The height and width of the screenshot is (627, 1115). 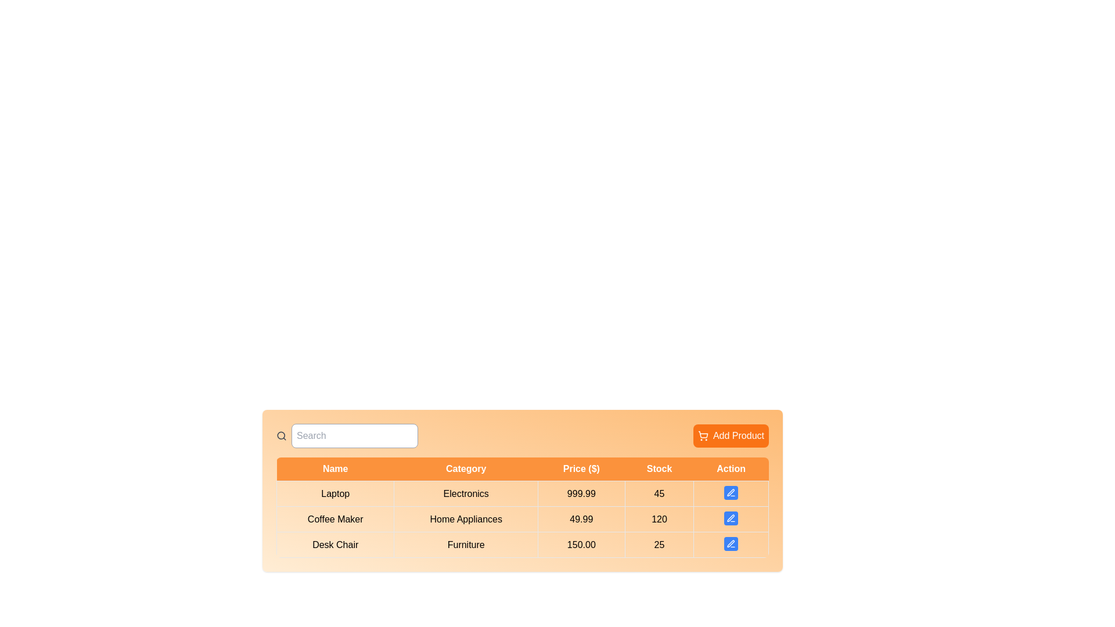 I want to click on the table cell displaying the price '150.00' in the third row under the 'Price ($)' header, which is centered in a light orange rectangular cell, so click(x=581, y=545).